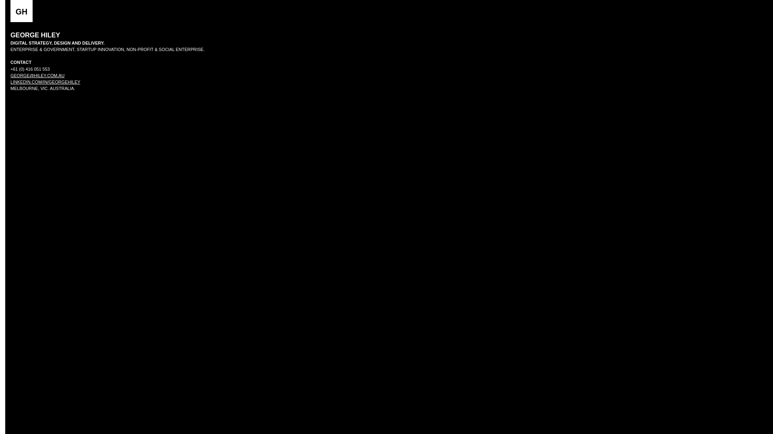 Image resolution: width=773 pixels, height=434 pixels. Describe the element at coordinates (37, 76) in the screenshot. I see `'GEORGE@HILEY.COM.AU'` at that location.